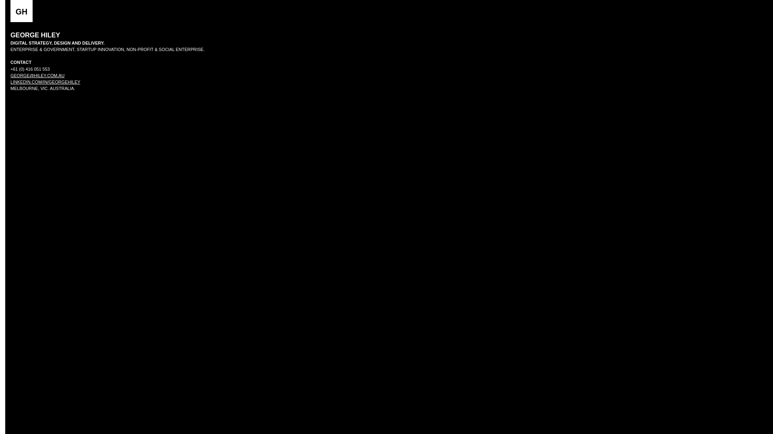 Image resolution: width=773 pixels, height=434 pixels. Describe the element at coordinates (37, 76) in the screenshot. I see `'GEORGE@HILEY.COM.AU'` at that location.